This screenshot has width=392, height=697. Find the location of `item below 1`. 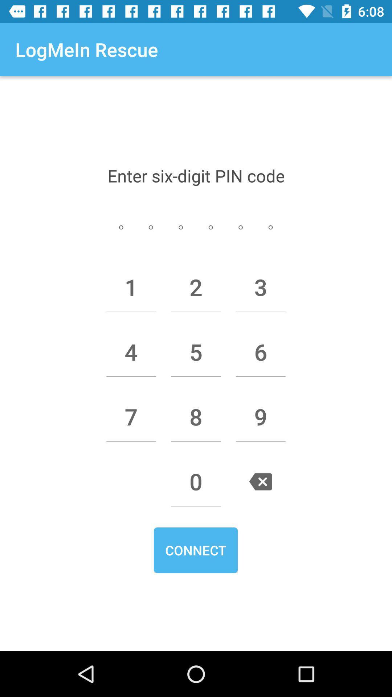

item below 1 is located at coordinates (131, 352).